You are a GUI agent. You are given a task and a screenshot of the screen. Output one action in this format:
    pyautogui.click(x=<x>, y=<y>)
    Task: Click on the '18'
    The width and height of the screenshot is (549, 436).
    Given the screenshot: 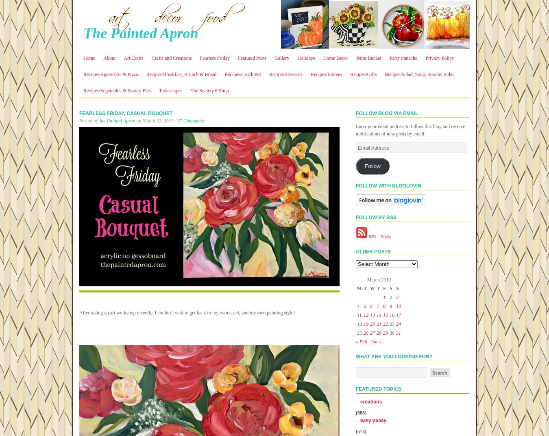 What is the action you would take?
    pyautogui.click(x=359, y=324)
    